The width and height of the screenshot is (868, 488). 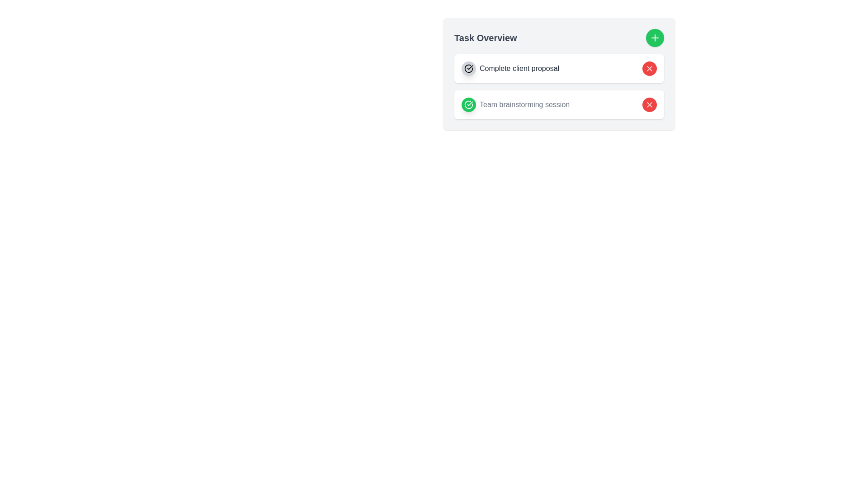 What do you see at coordinates (524, 104) in the screenshot?
I see `text label that says 'Team brainstorming session', which is styled with a strikethrough and located in the second task item of the task list interface` at bounding box center [524, 104].